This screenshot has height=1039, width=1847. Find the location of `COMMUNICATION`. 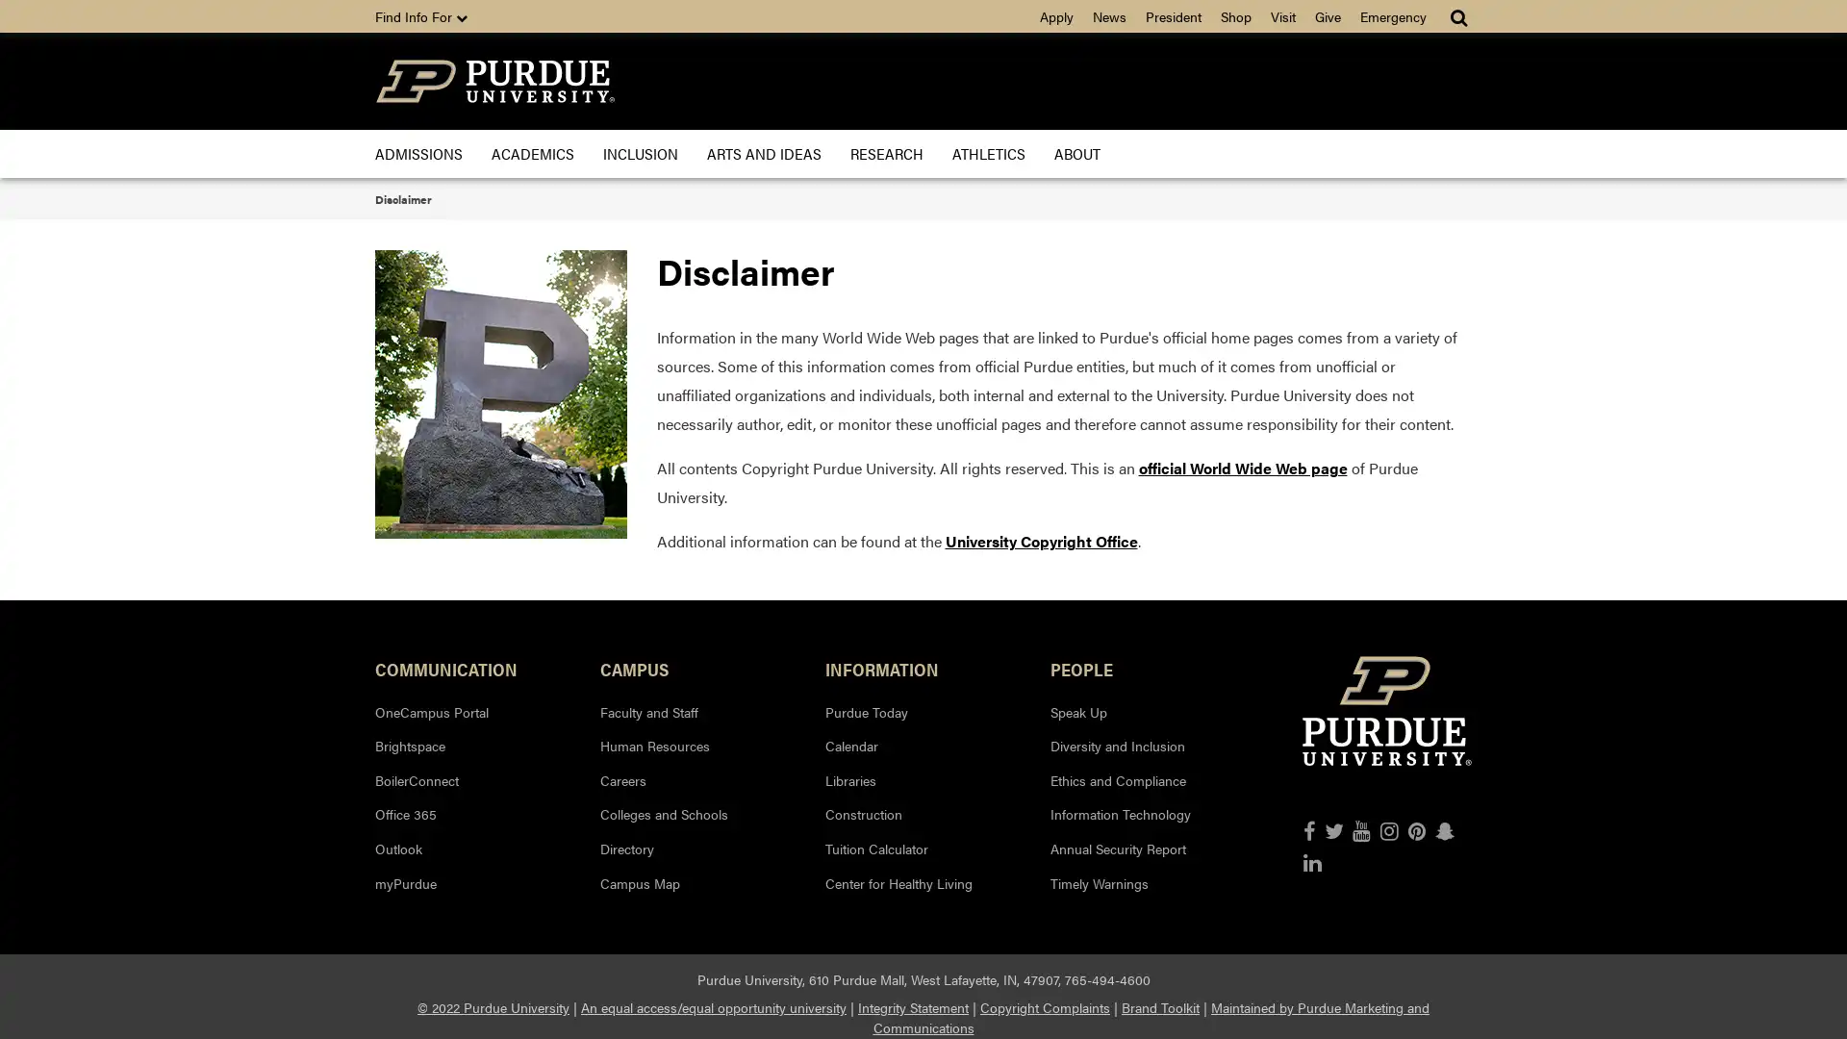

COMMUNICATION is located at coordinates (472, 663).